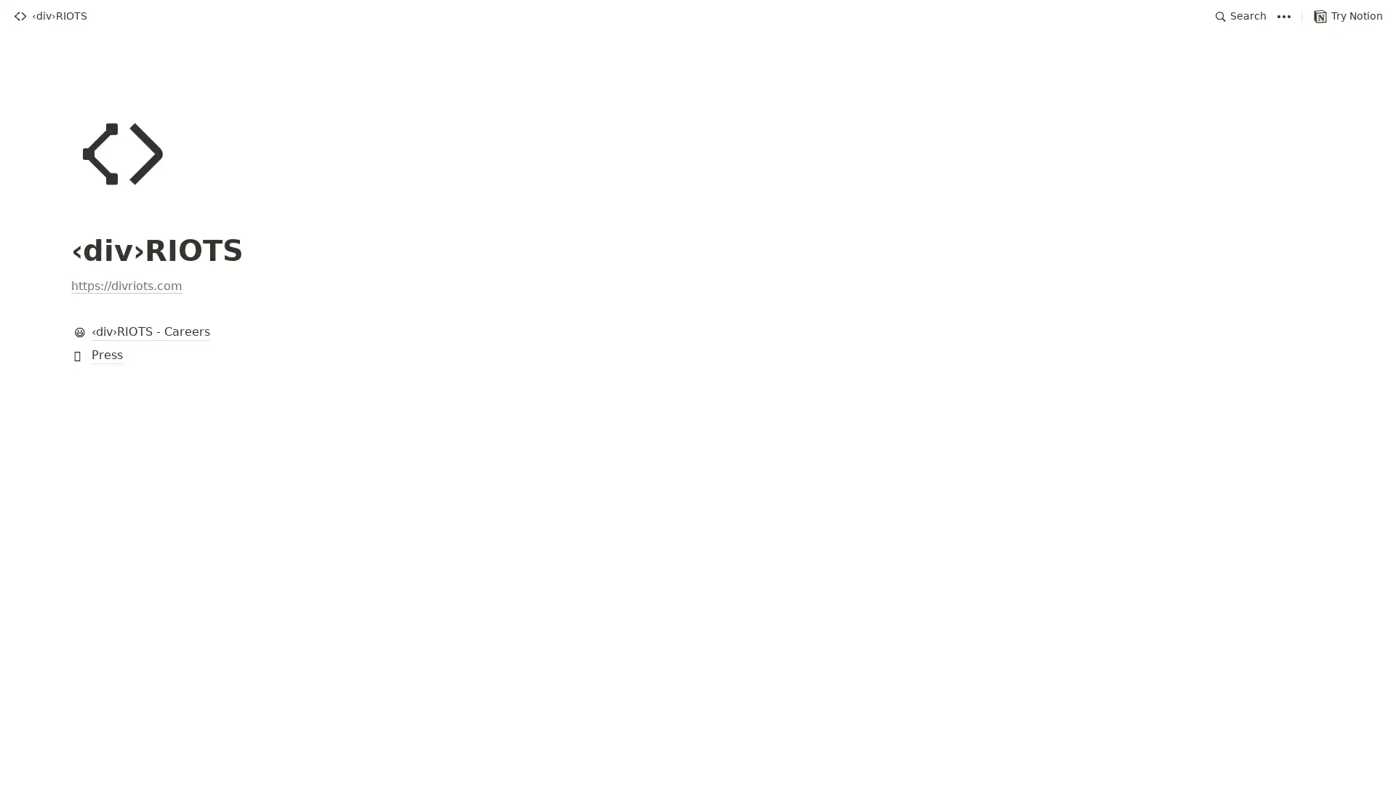 This screenshot has width=1396, height=785. Describe the element at coordinates (1240, 16) in the screenshot. I see `Search` at that location.